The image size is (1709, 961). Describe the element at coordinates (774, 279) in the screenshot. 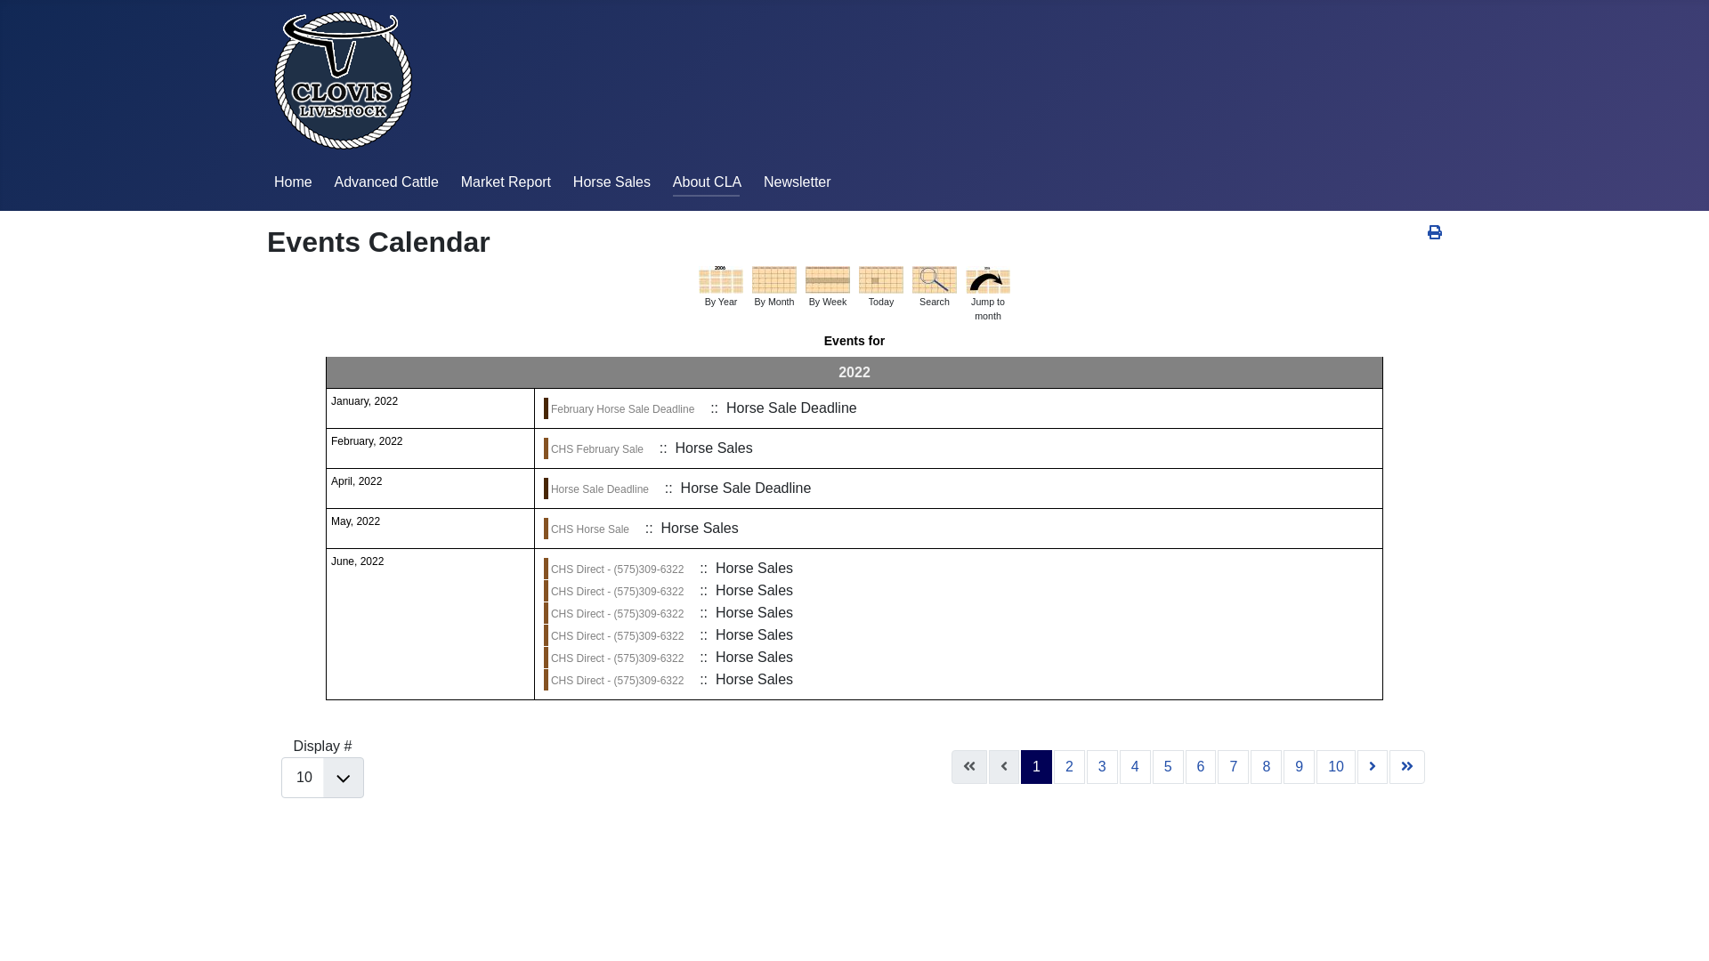

I see `'By Month'` at that location.